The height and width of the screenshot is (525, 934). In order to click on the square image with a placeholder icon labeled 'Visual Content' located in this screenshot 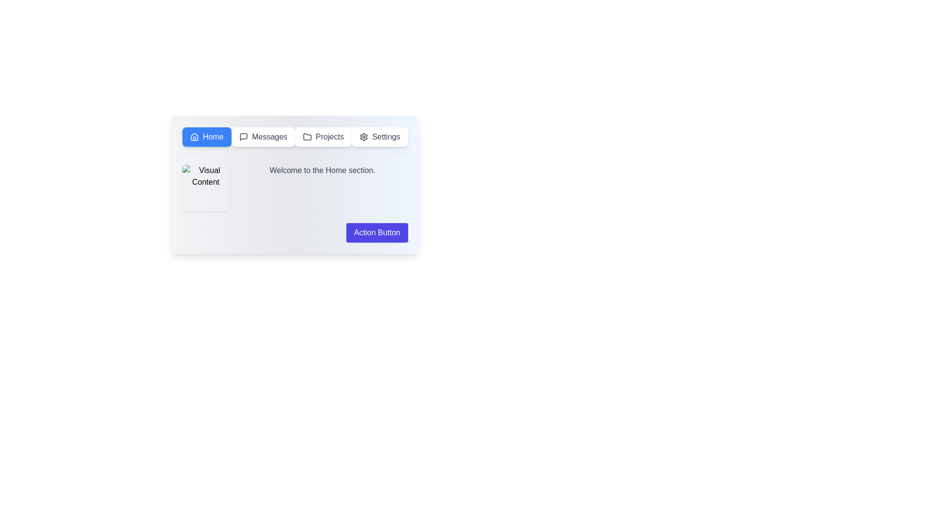, I will do `click(205, 188)`.